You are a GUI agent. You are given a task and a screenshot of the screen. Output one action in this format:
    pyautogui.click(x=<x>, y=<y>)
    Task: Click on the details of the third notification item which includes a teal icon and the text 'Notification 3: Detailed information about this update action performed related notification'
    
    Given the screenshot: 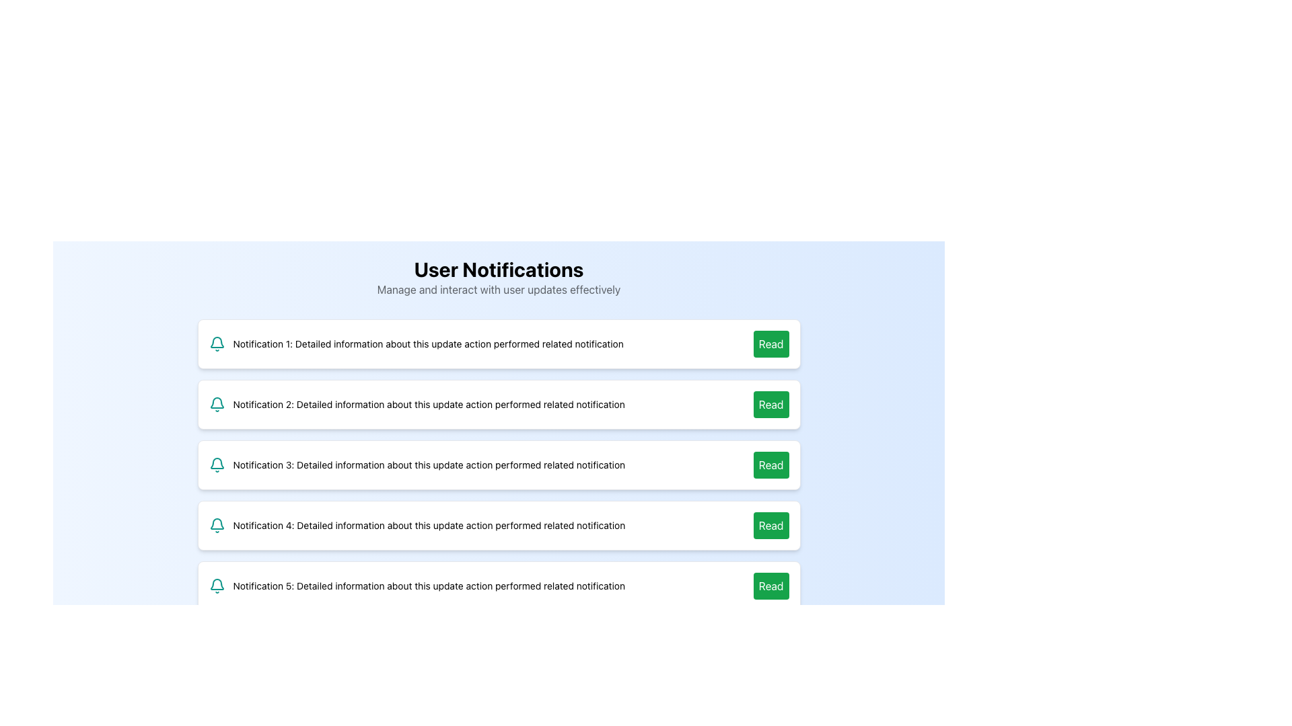 What is the action you would take?
    pyautogui.click(x=416, y=464)
    